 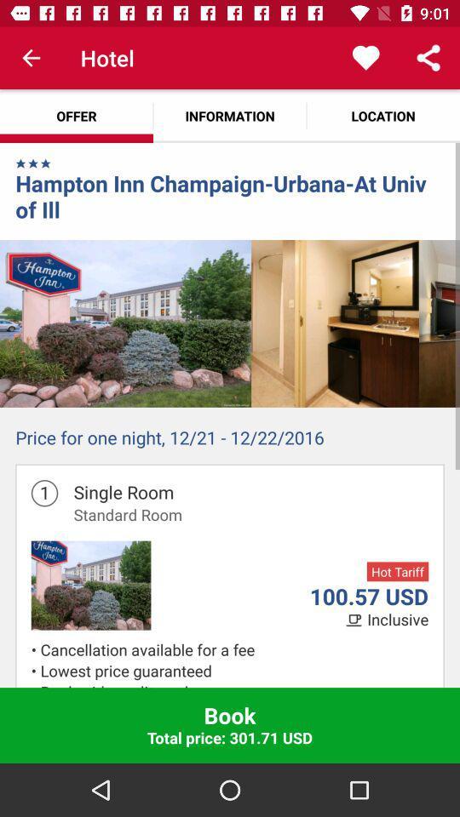 What do you see at coordinates (46, 163) in the screenshot?
I see `icon above the hampton inn champaign icon` at bounding box center [46, 163].